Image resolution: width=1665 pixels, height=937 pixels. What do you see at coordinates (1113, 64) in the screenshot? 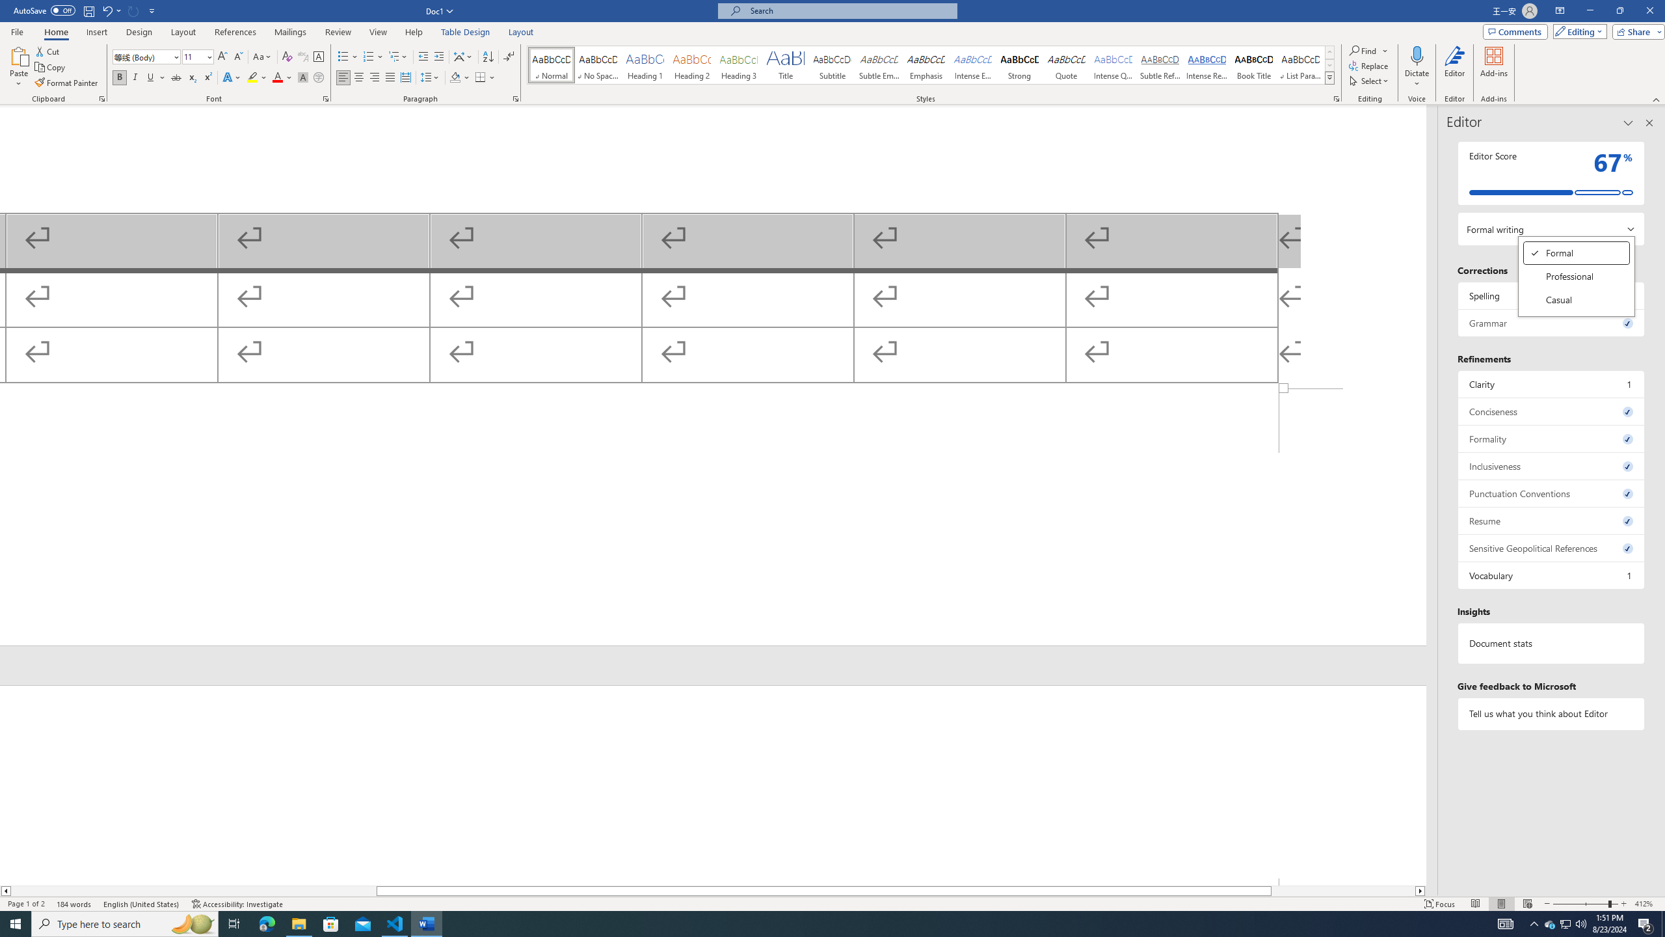
I see `'Intense Quote'` at bounding box center [1113, 64].